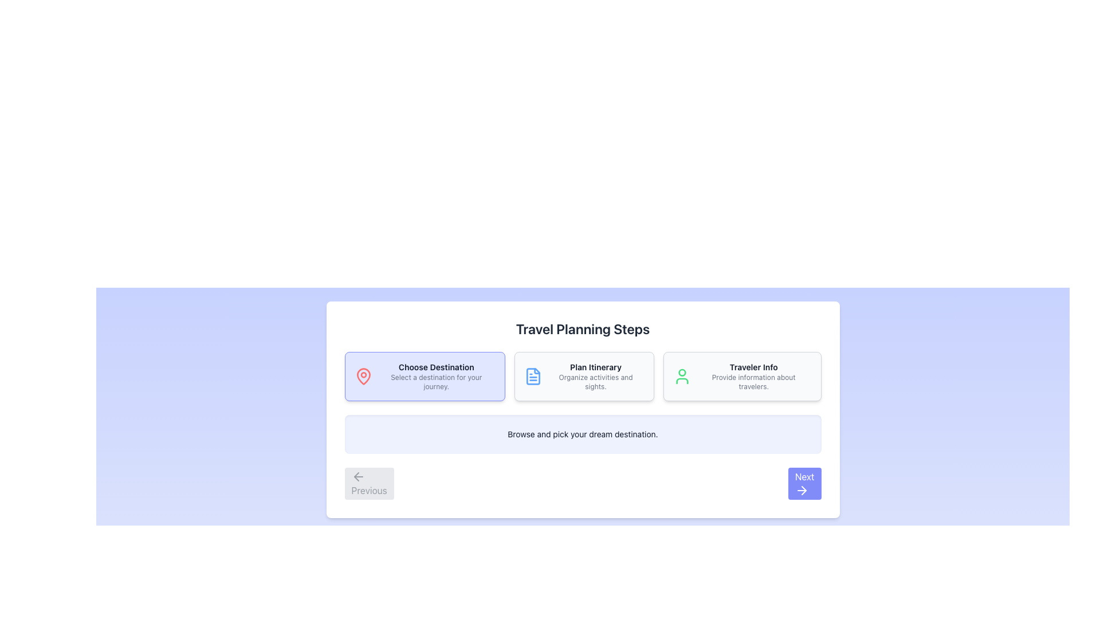  I want to click on the text label providing guidance for selecting a destination, located directly below the 'Choose Destination' heading in the Travel Planning Steps section, so click(435, 382).